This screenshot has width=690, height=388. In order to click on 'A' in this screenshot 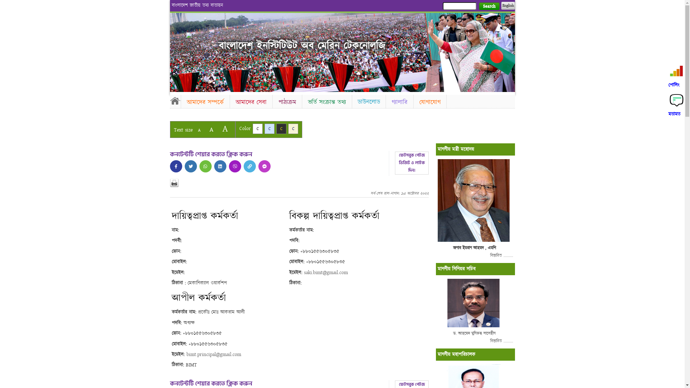, I will do `click(211, 129)`.